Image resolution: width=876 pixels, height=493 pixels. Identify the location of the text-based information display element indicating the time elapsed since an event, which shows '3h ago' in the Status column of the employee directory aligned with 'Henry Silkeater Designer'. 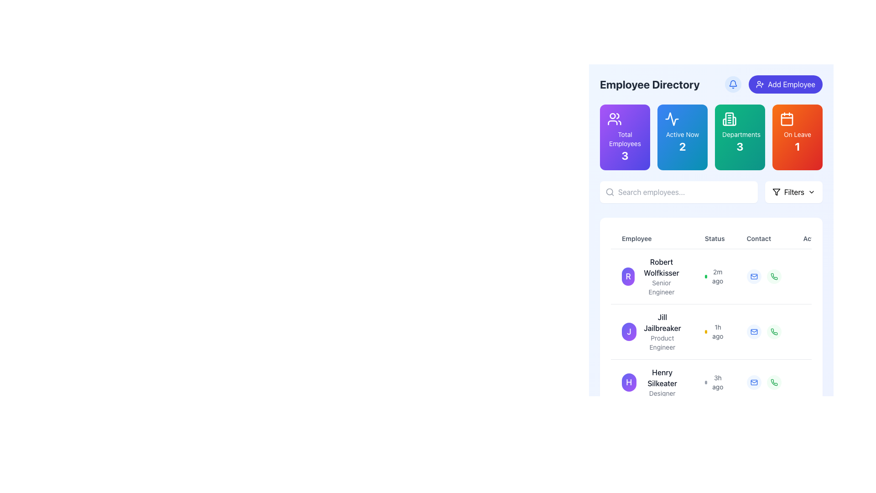
(714, 382).